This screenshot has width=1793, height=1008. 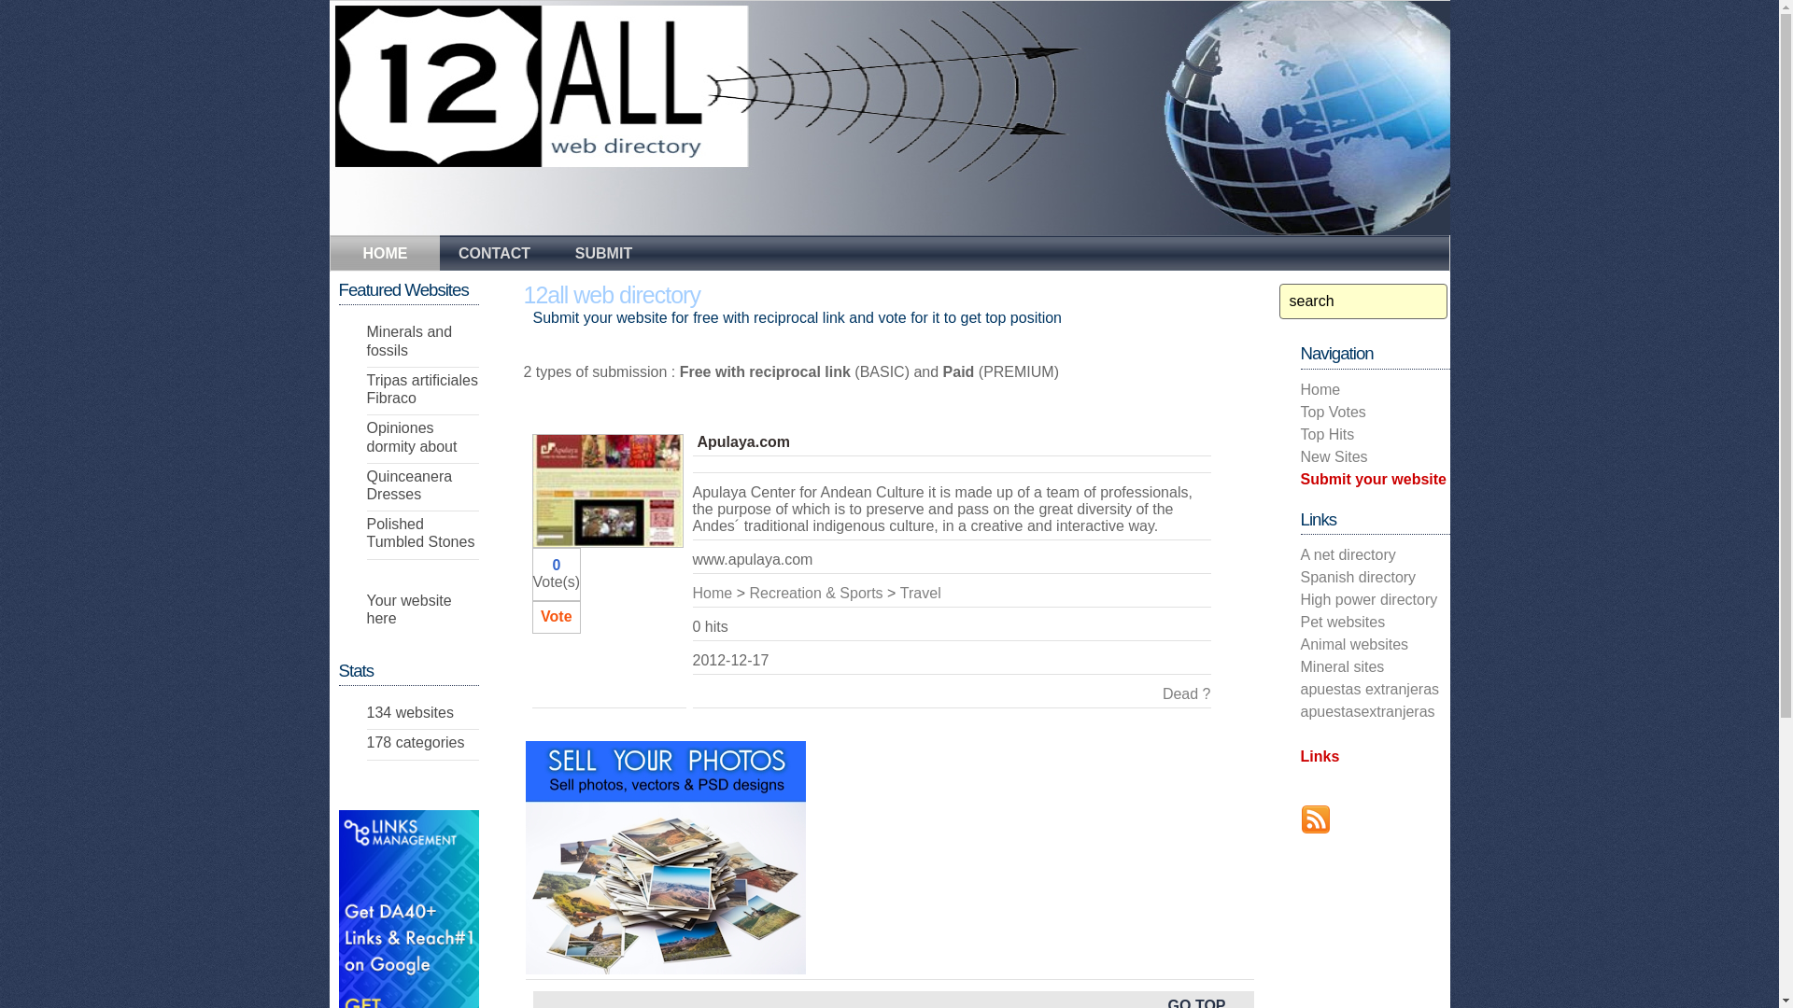 What do you see at coordinates (664, 857) in the screenshot?
I see `'Sell your photos'` at bounding box center [664, 857].